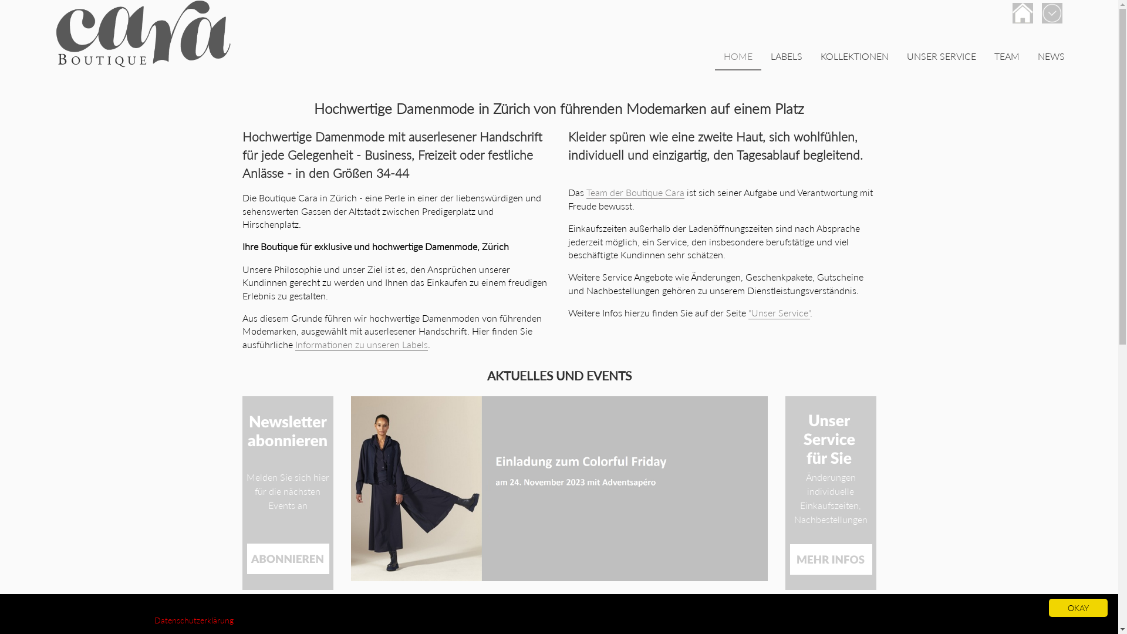  What do you see at coordinates (634, 192) in the screenshot?
I see `'Team der Boutique Cara'` at bounding box center [634, 192].